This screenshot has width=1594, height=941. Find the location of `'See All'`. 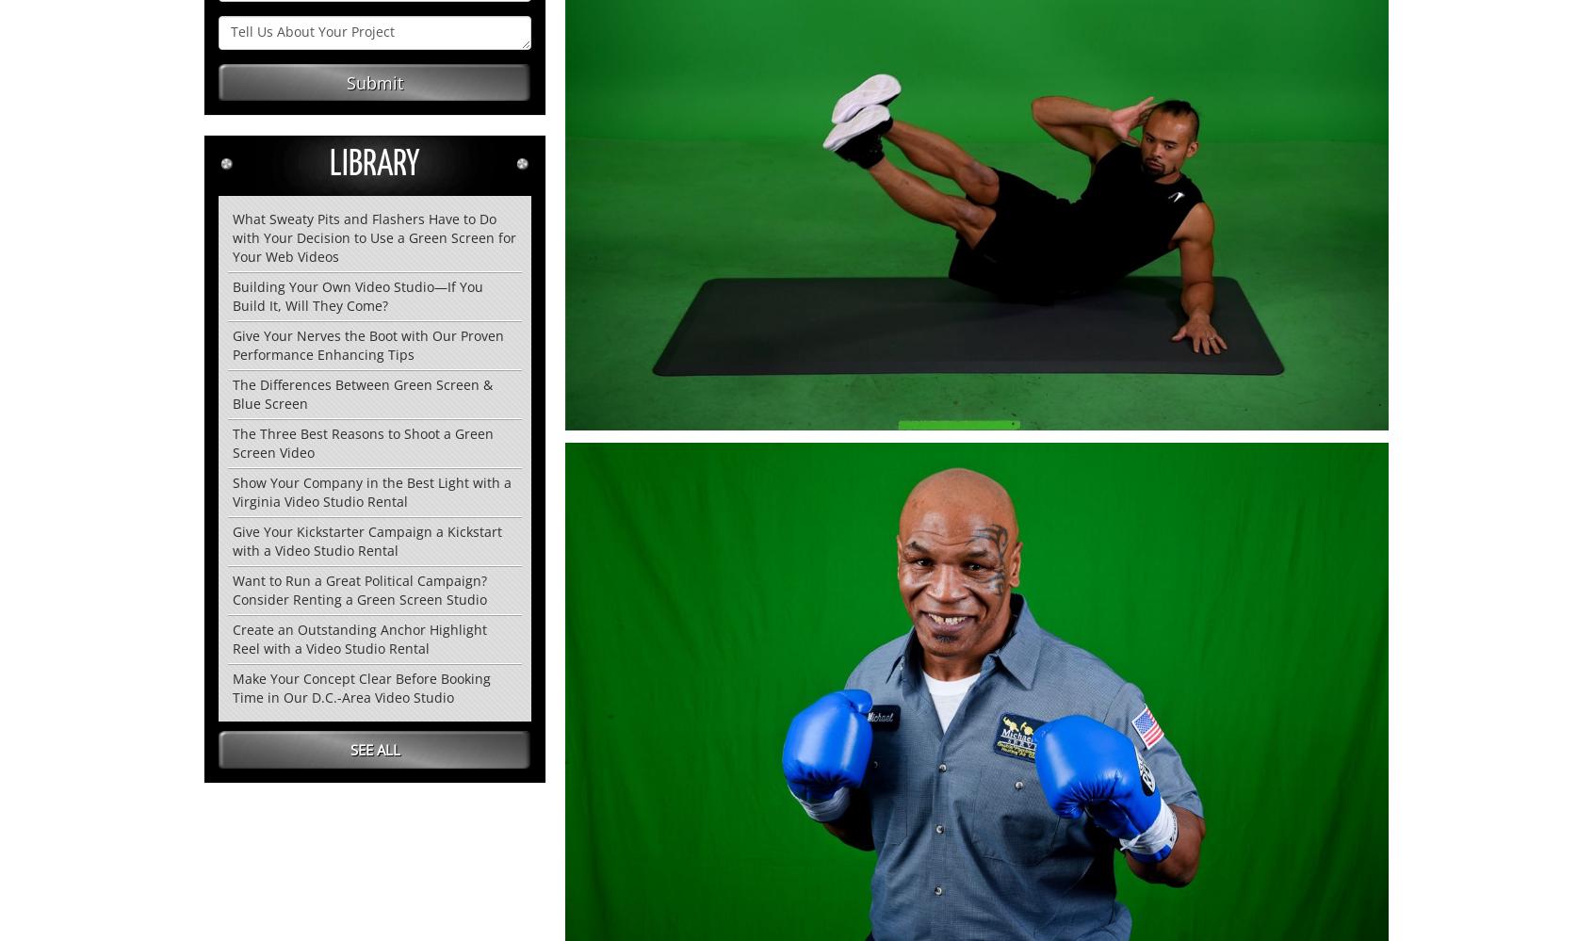

'See All' is located at coordinates (374, 749).